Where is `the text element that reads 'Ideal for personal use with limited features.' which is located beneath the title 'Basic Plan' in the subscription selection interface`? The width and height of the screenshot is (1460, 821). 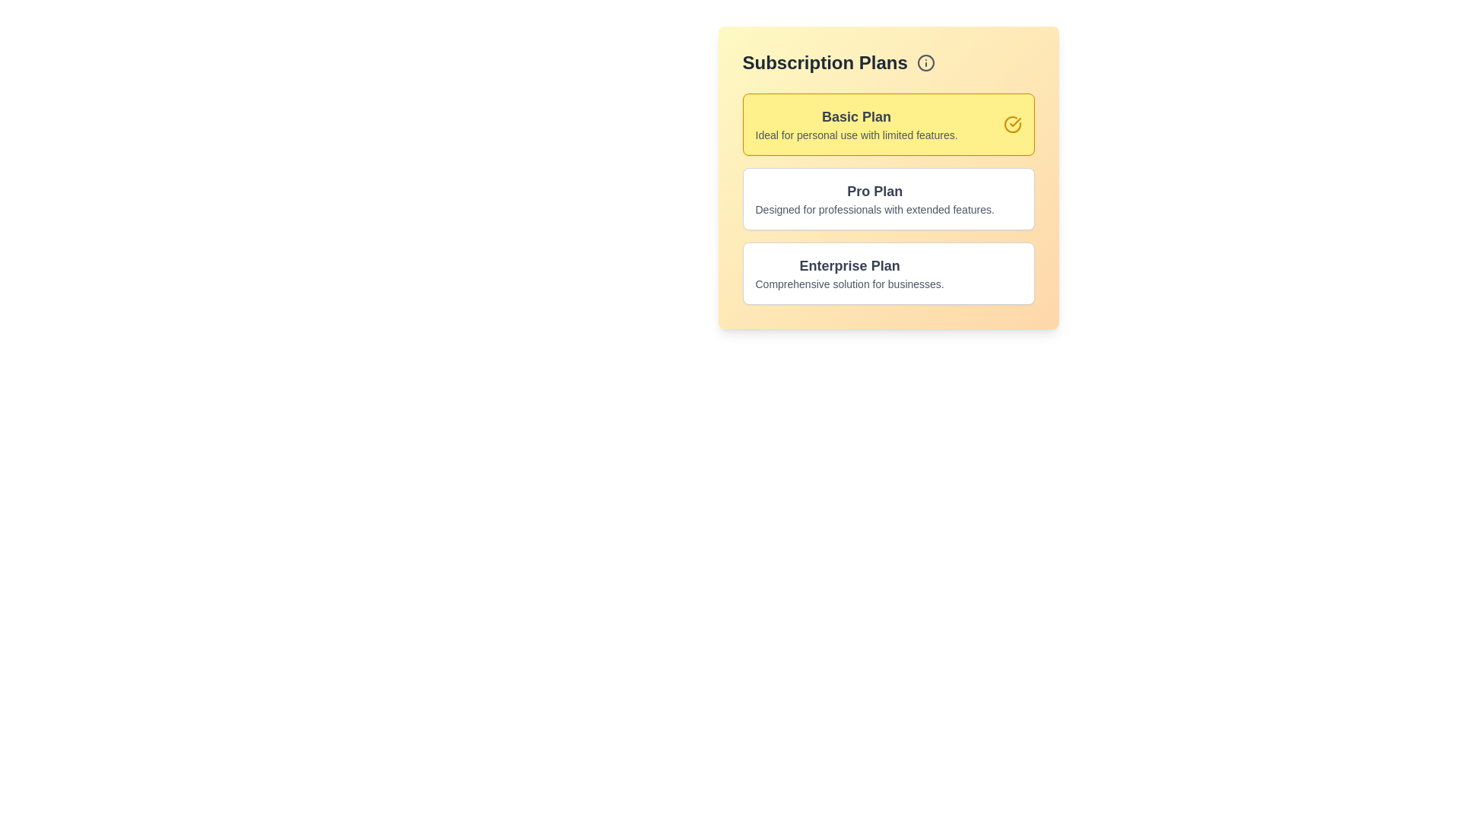
the text element that reads 'Ideal for personal use with limited features.' which is located beneath the title 'Basic Plan' in the subscription selection interface is located at coordinates (856, 134).